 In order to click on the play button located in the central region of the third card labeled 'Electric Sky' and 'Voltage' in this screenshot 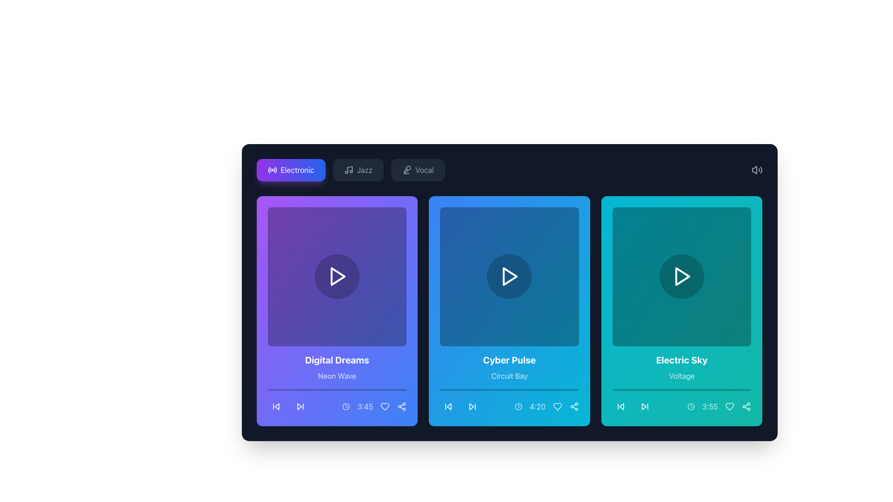, I will do `click(682, 276)`.